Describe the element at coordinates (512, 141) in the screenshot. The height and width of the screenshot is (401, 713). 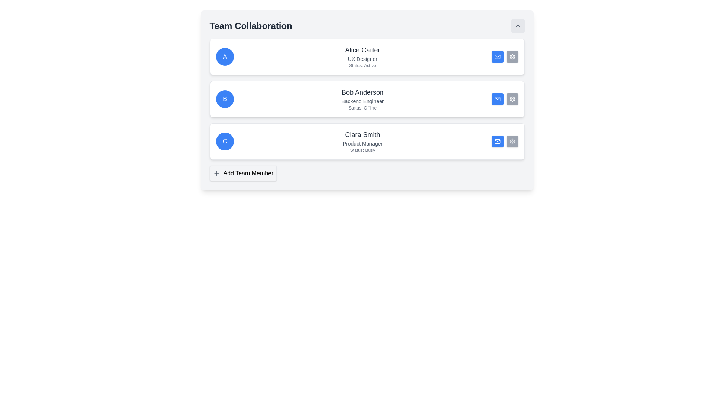
I see `the settings icon located to the right of the 'Clara Smith' entry` at that location.